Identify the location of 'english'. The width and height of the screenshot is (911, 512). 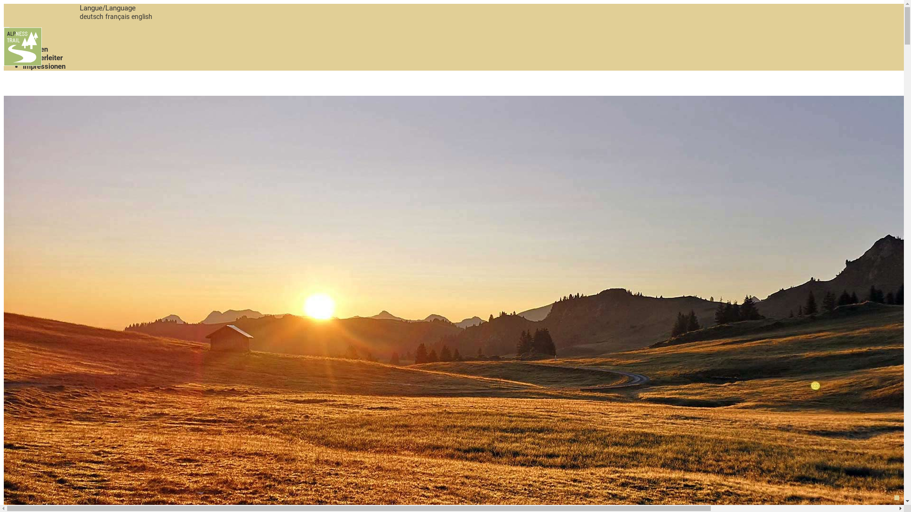
(141, 16).